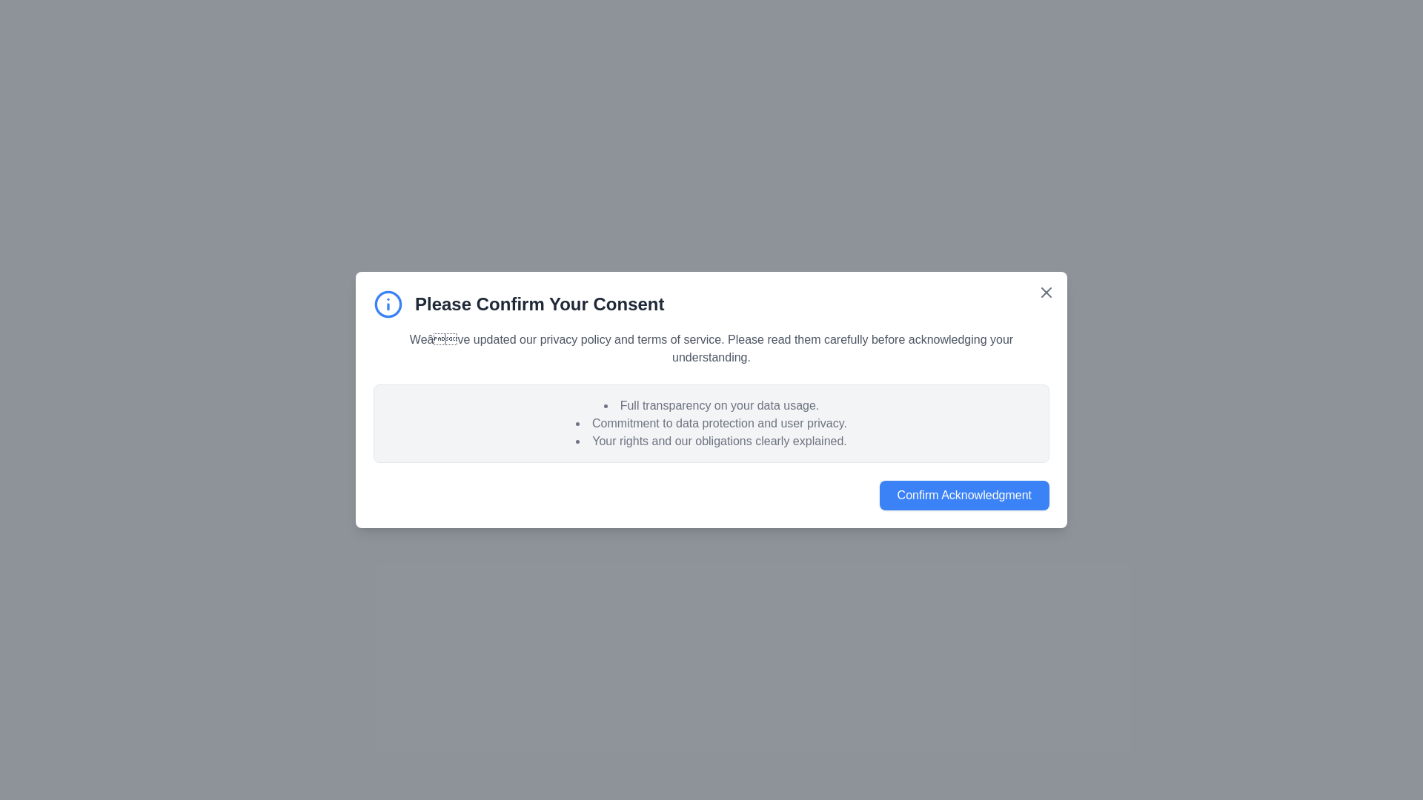 The image size is (1423, 800). I want to click on the informational icon to inspect it, so click(388, 304).